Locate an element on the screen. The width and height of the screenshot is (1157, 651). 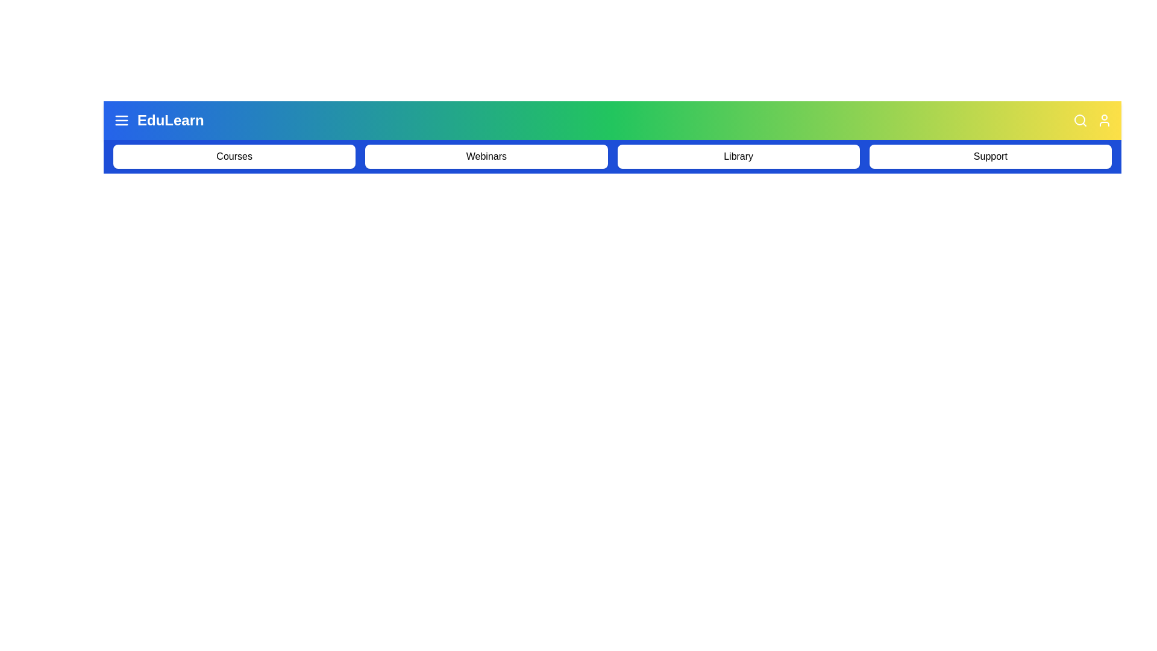
the menu item Courses is located at coordinates (234, 156).